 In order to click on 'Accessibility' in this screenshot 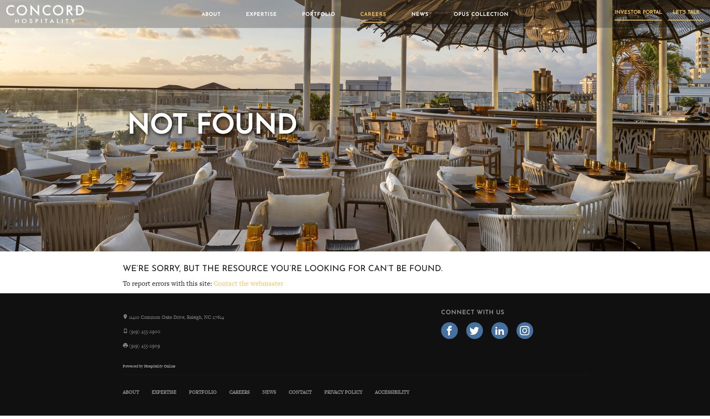, I will do `click(391, 392)`.